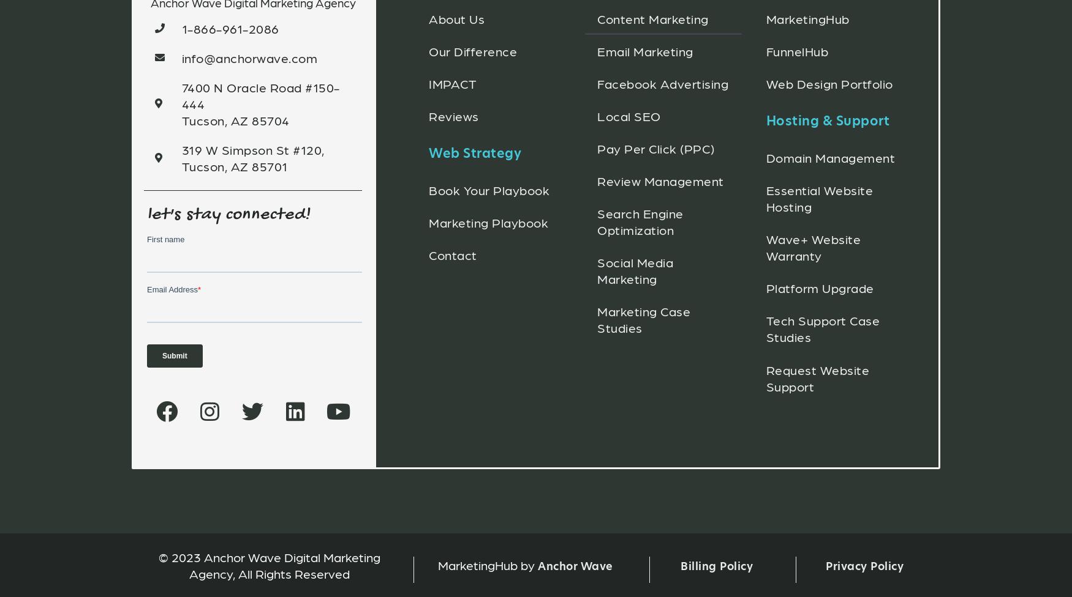 The height and width of the screenshot is (597, 1072). Describe the element at coordinates (822, 328) in the screenshot. I see `'Tech Support Case Studies'` at that location.